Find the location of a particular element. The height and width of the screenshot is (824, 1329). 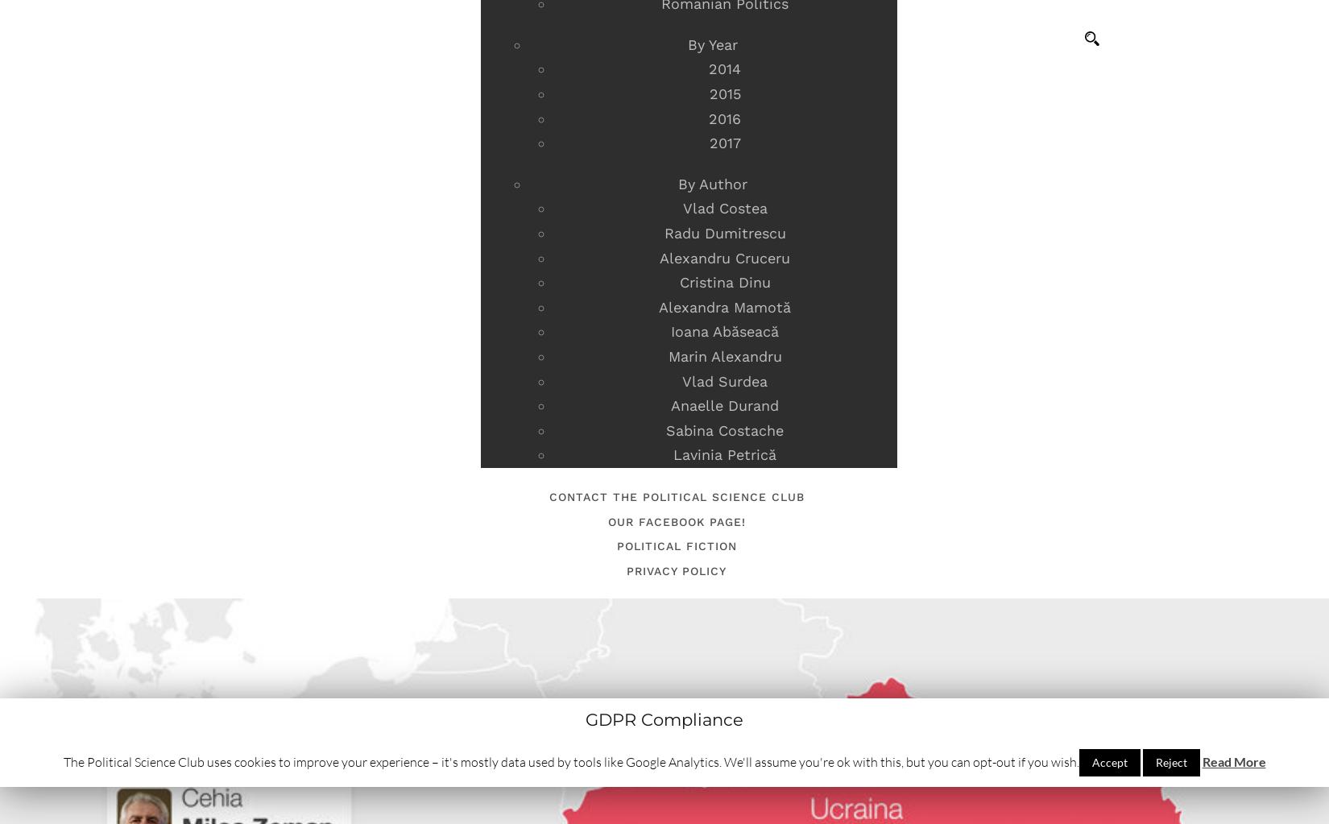

'Political Fiction' is located at coordinates (676, 545).